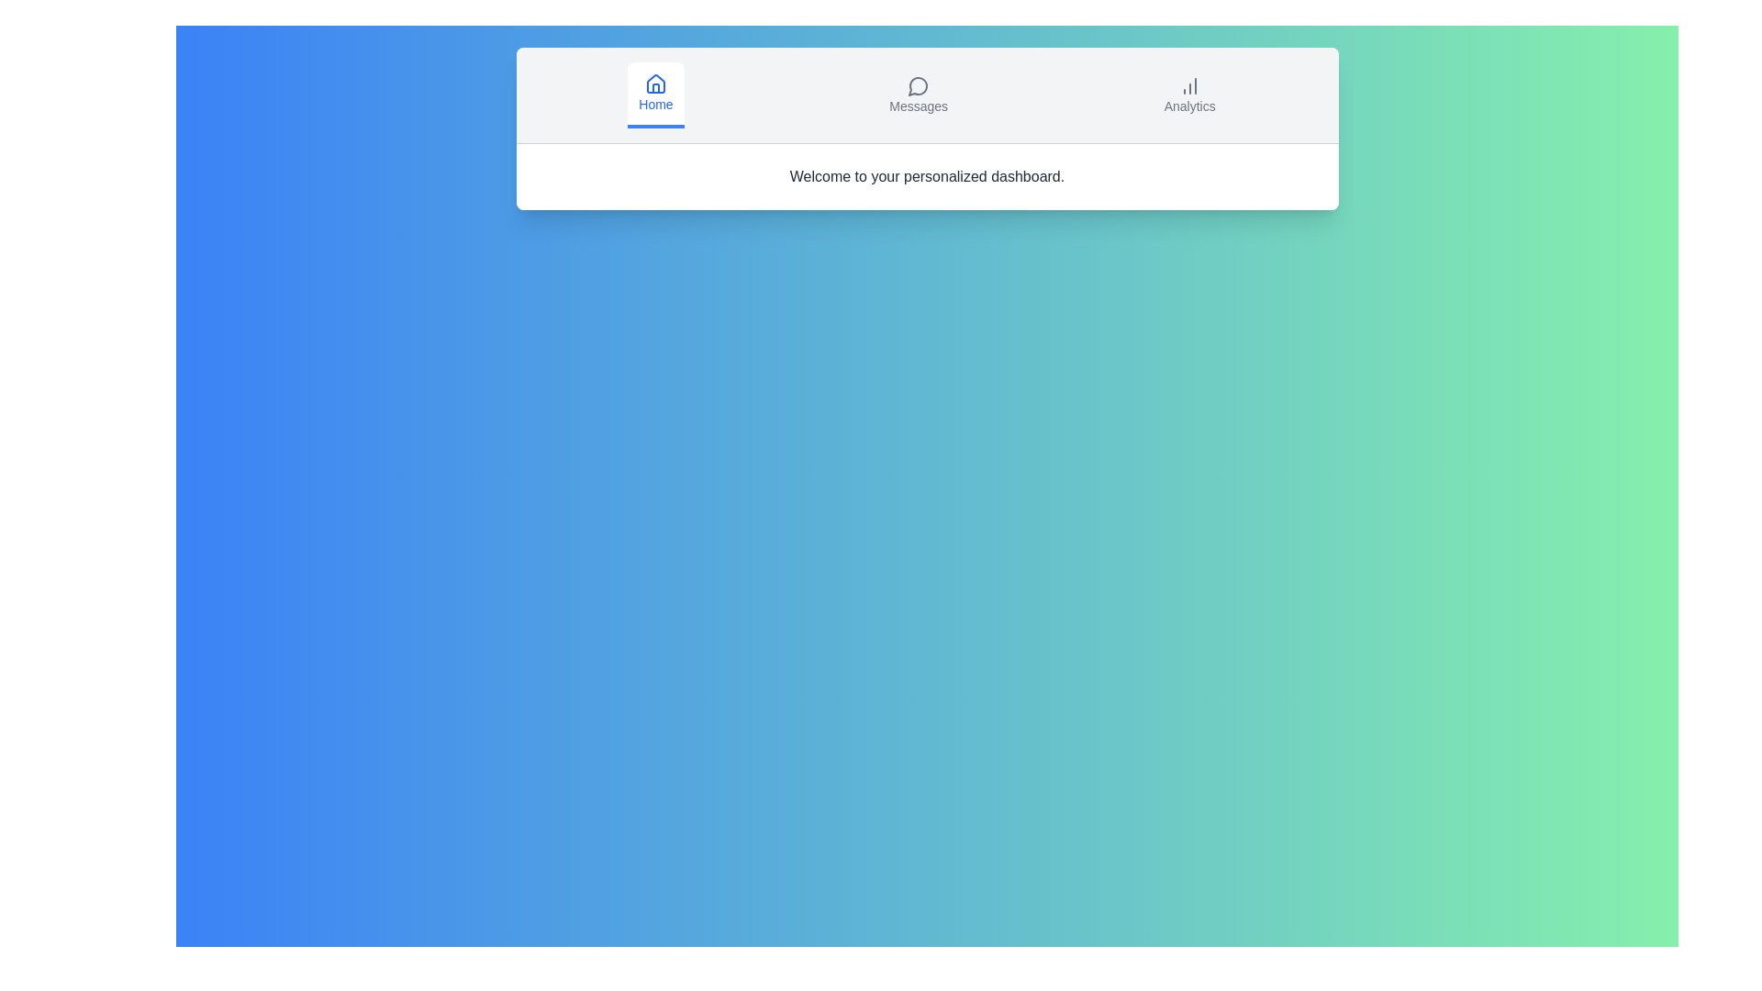 The image size is (1762, 991). What do you see at coordinates (919, 95) in the screenshot?
I see `the tab button labeled Messages to view its hover effect` at bounding box center [919, 95].